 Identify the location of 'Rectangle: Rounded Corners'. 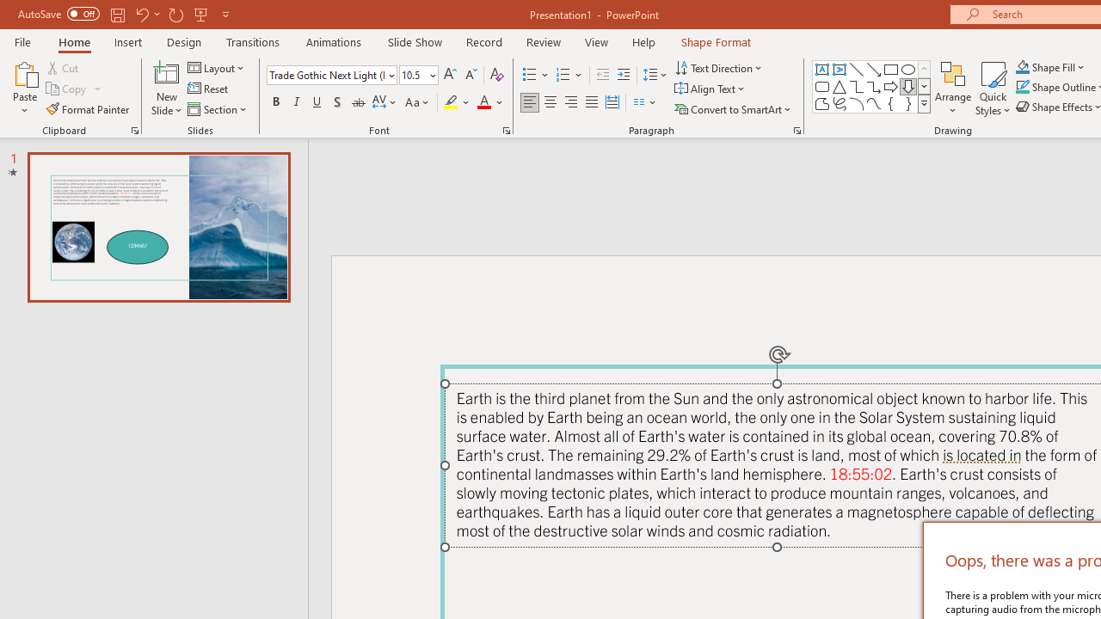
(821, 86).